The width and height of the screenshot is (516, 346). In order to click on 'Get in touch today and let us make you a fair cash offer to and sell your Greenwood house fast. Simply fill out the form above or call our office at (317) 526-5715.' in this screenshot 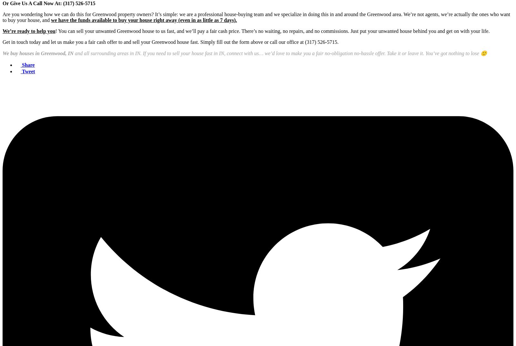, I will do `click(170, 42)`.